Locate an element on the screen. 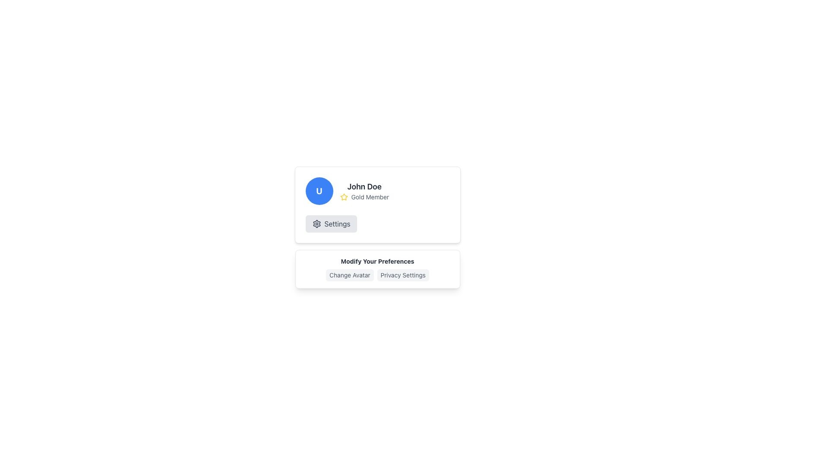 The width and height of the screenshot is (829, 466). the 'Privacy Settings' button, which has a light gray background and dark gray text is located at coordinates (402, 275).